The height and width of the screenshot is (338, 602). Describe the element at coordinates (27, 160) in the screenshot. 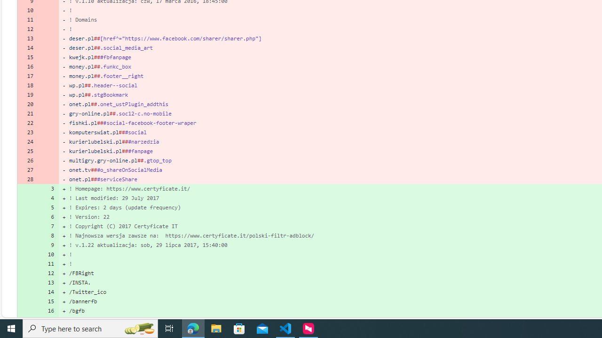

I see `'26'` at that location.